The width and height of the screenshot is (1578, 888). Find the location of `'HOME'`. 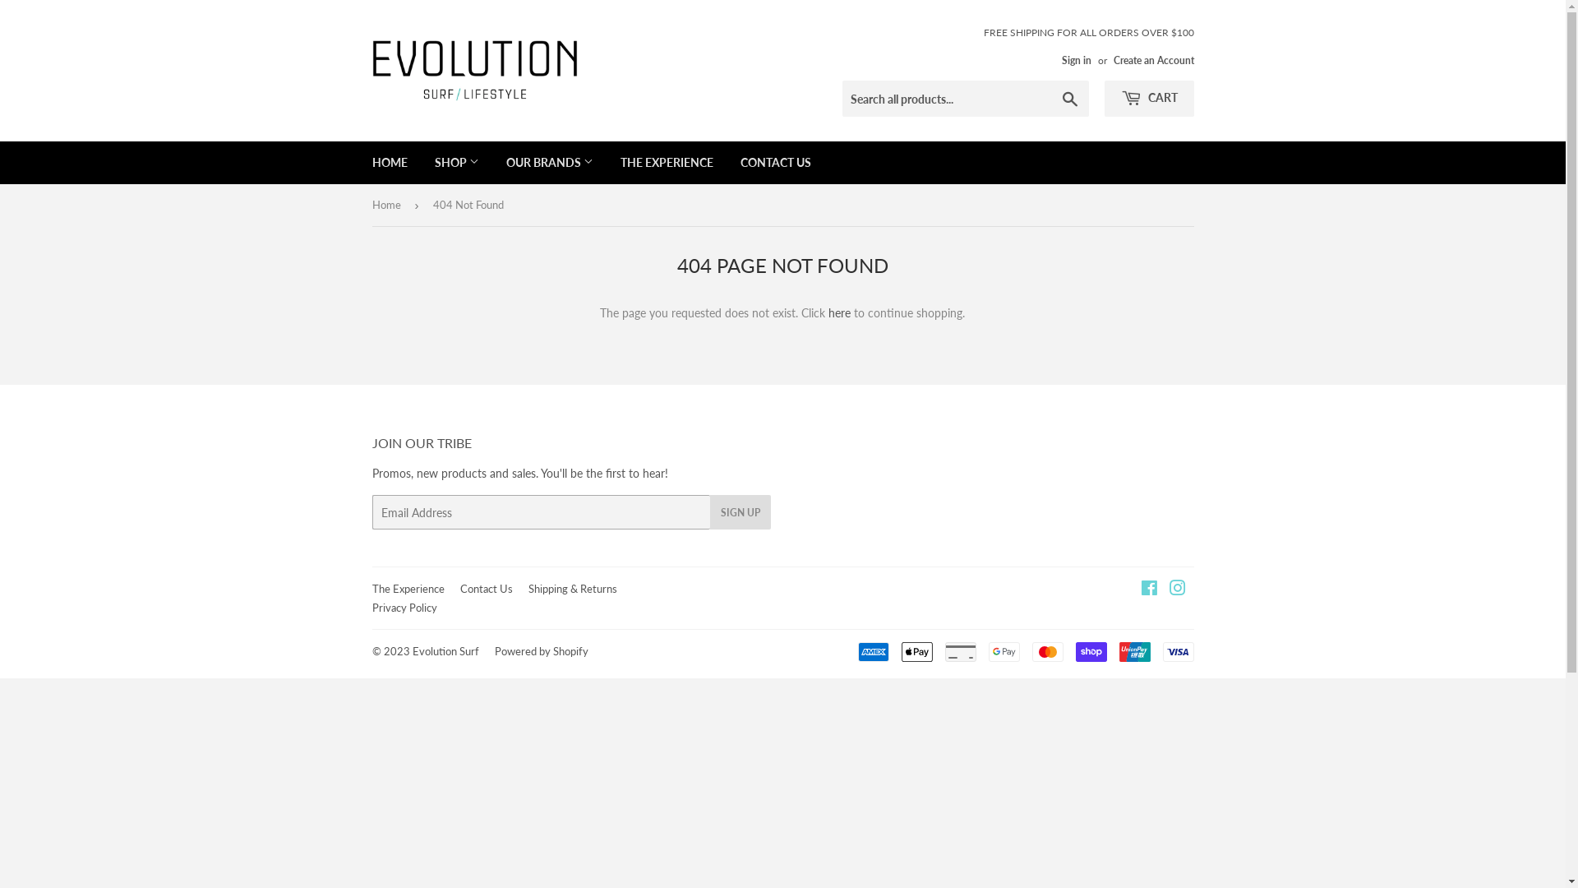

'HOME' is located at coordinates (358, 162).